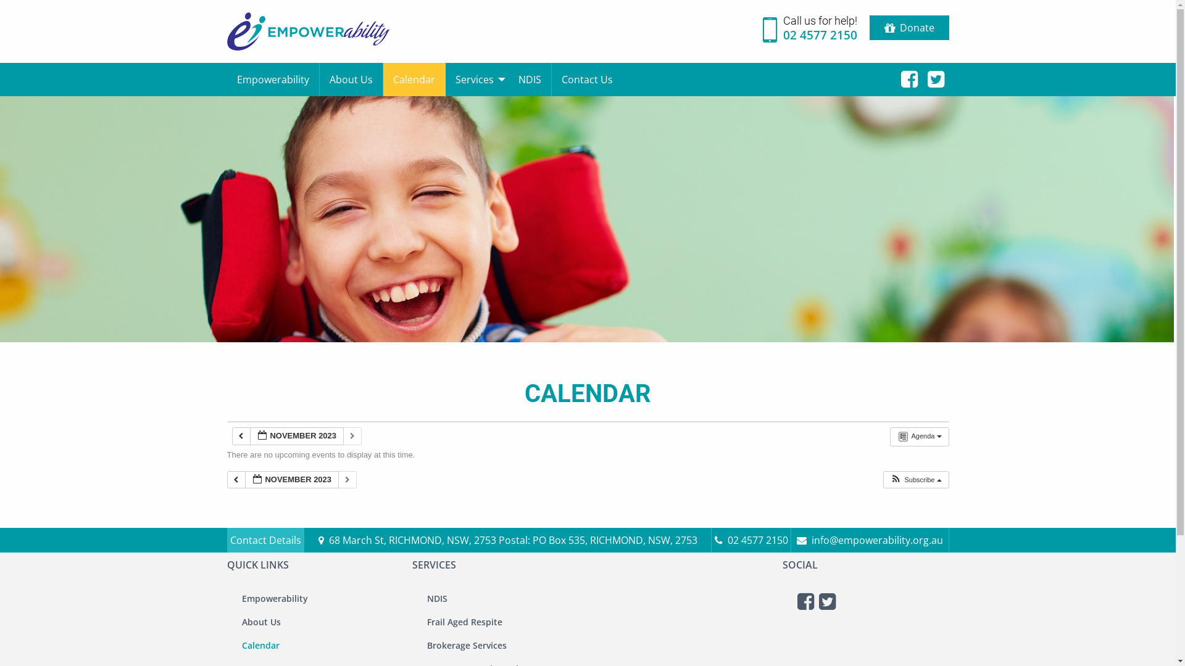  Describe the element at coordinates (422, 644) in the screenshot. I see `'Brokerage Services'` at that location.